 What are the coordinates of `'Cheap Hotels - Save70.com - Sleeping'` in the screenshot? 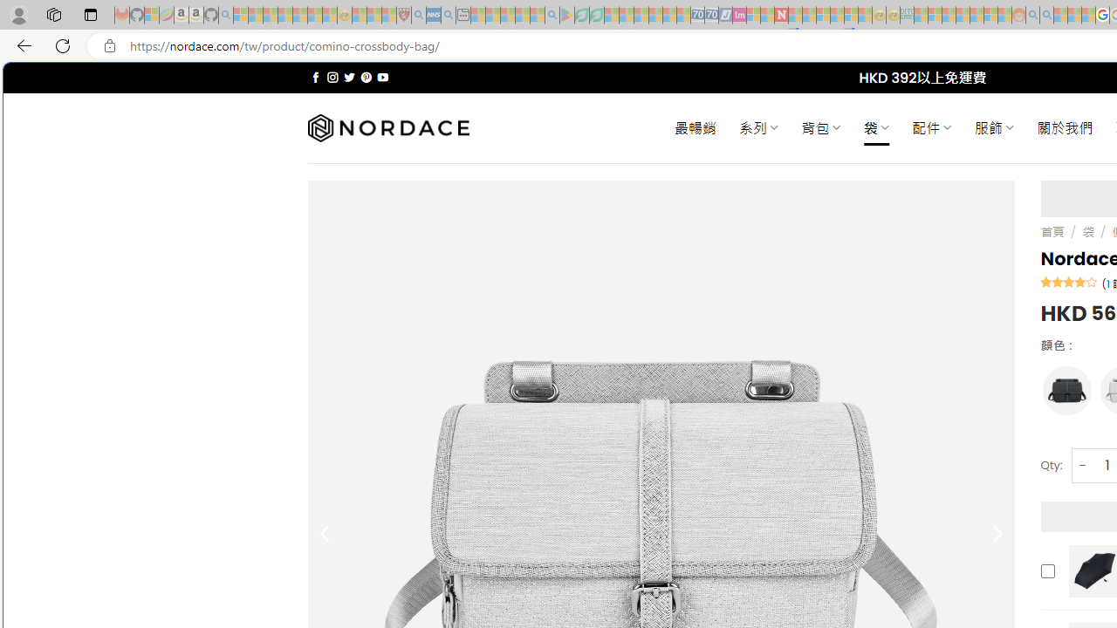 It's located at (711, 15).